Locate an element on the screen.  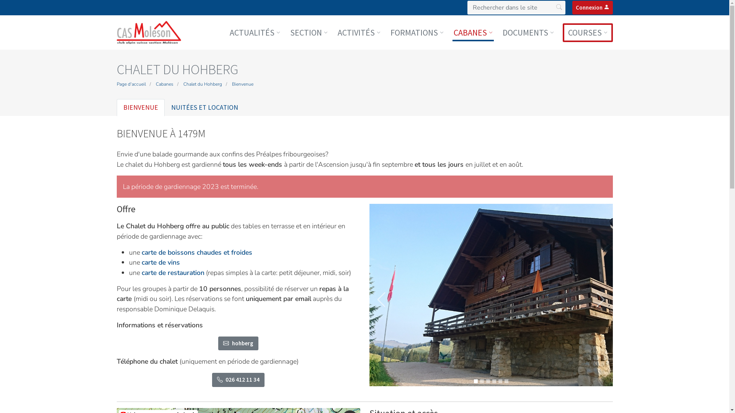
'carte de restauration' is located at coordinates (172, 272).